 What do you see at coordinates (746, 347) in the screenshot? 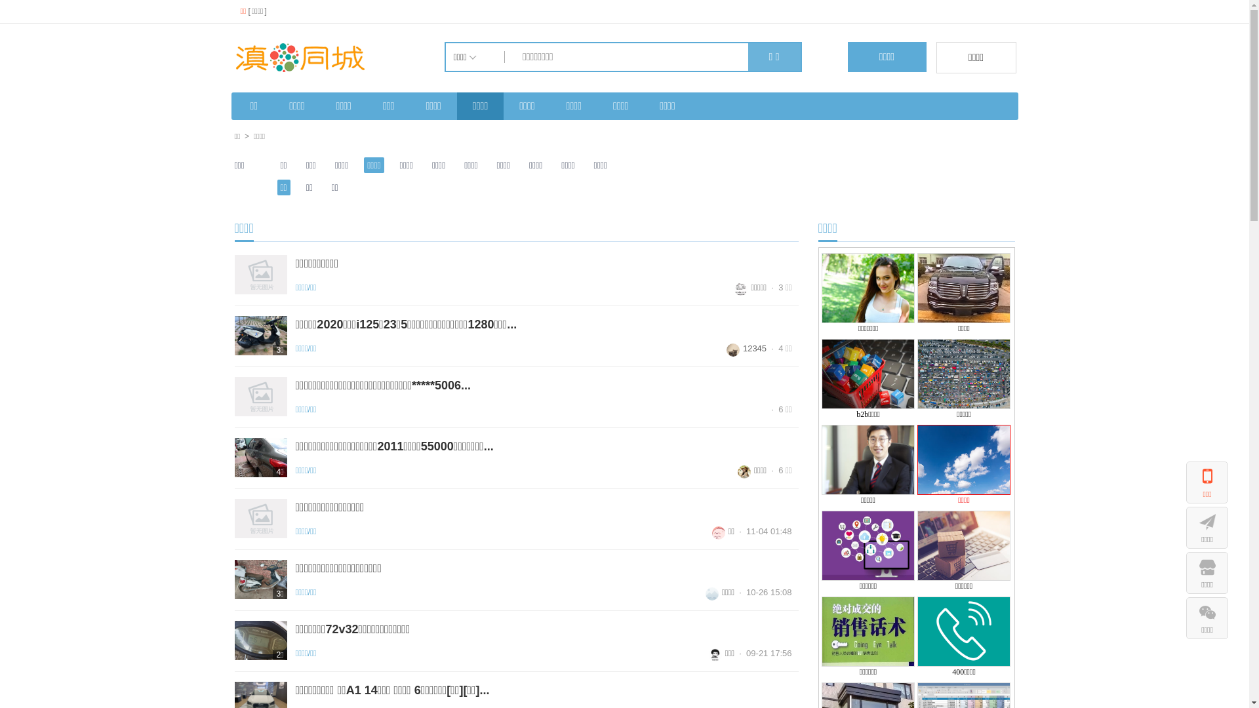
I see `'12345'` at bounding box center [746, 347].